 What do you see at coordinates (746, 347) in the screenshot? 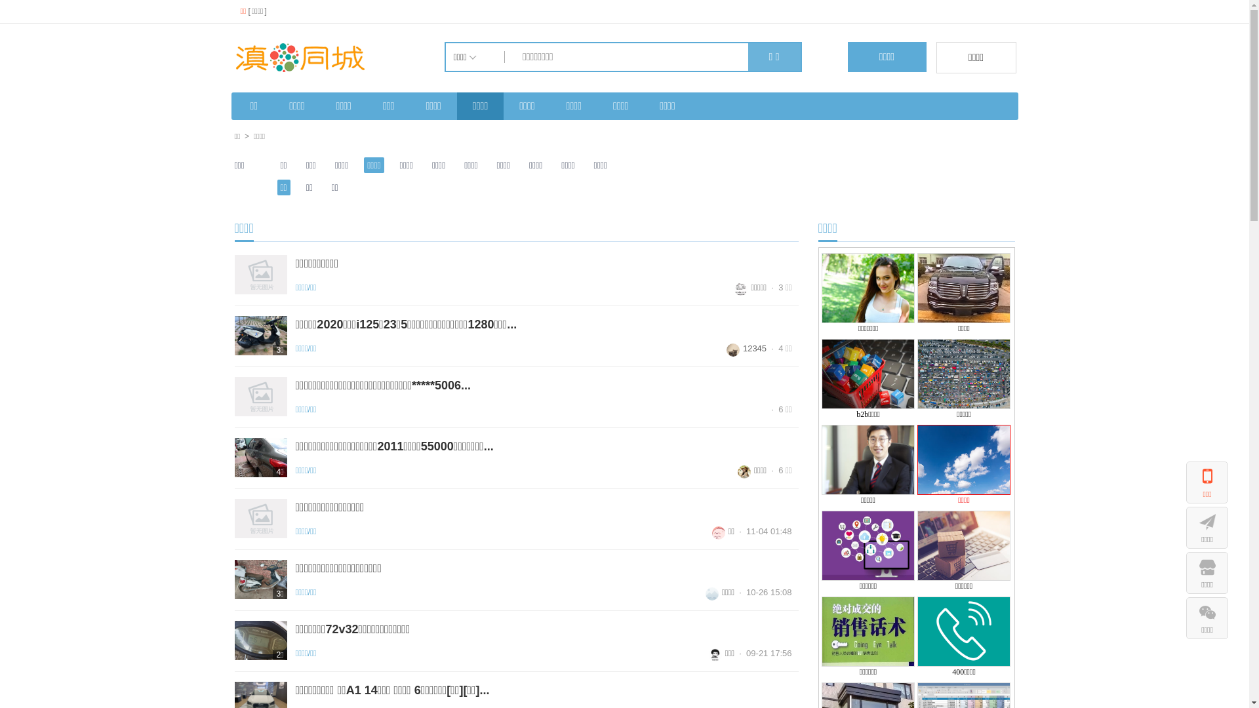
I see `'12345'` at bounding box center [746, 347].